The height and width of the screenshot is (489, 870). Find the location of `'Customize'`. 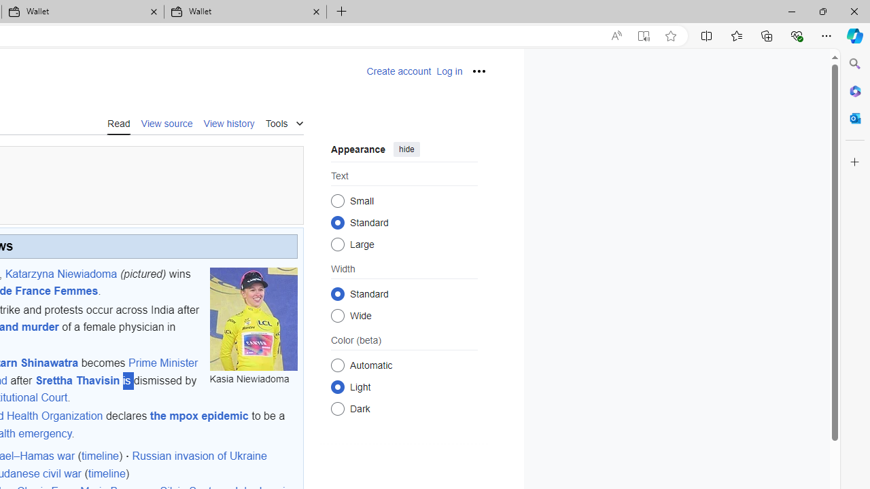

'Customize' is located at coordinates (854, 162).